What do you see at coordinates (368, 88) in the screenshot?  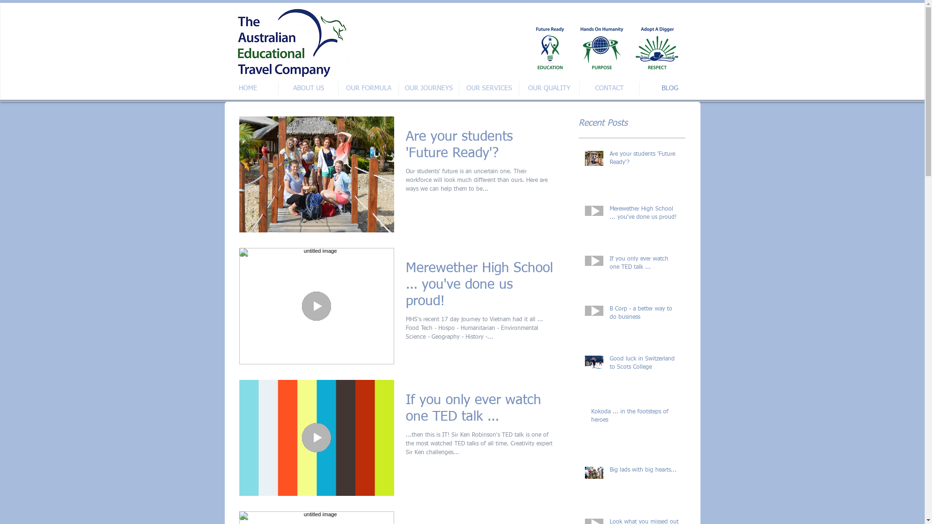 I see `'OUR FORMULA'` at bounding box center [368, 88].